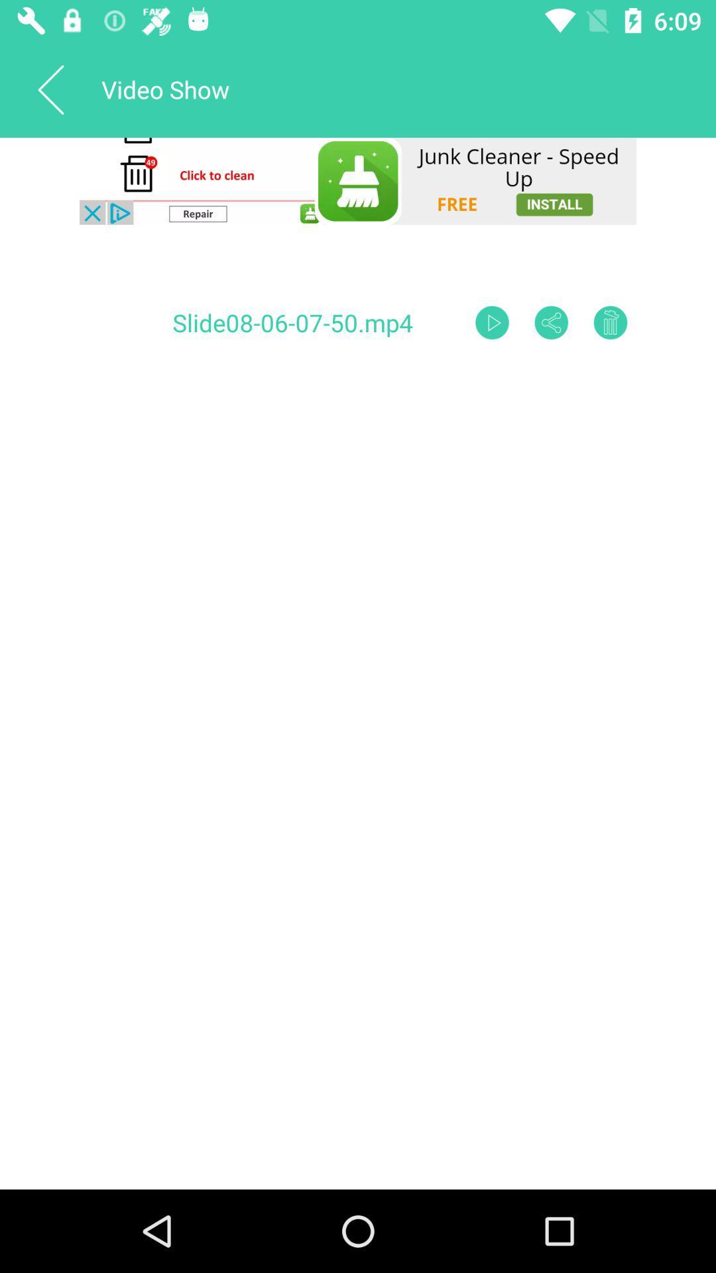 The width and height of the screenshot is (716, 1273). What do you see at coordinates (358, 180) in the screenshot?
I see `clean option` at bounding box center [358, 180].